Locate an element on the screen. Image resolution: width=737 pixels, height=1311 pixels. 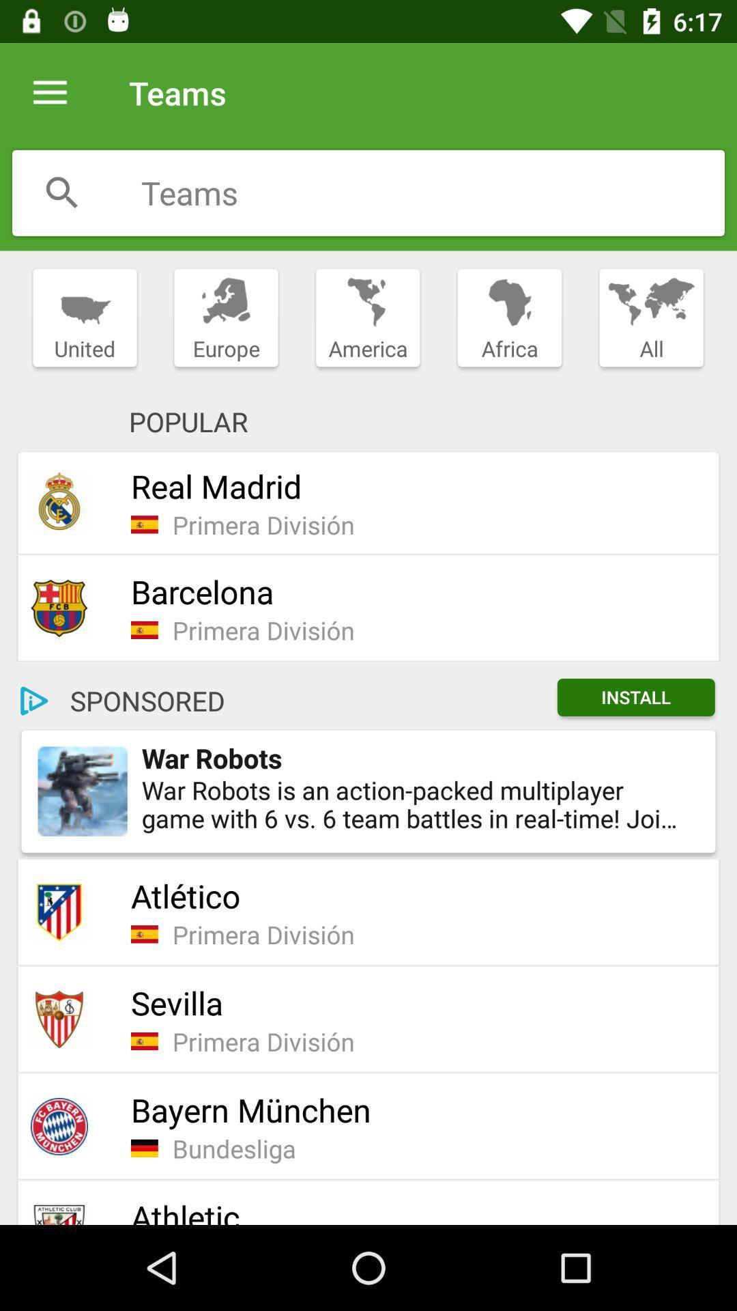
bundesliga item is located at coordinates (437, 1148).